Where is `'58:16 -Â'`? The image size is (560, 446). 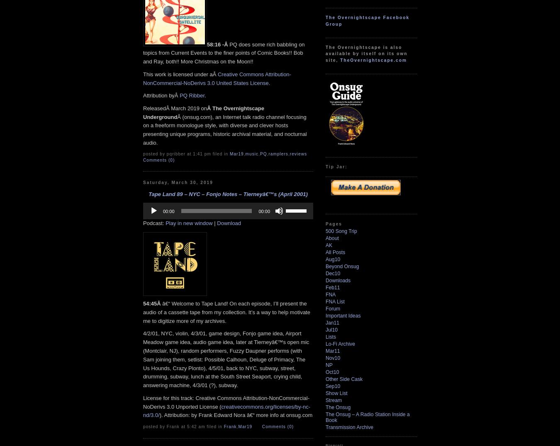
'58:16 -Â' is located at coordinates (217, 44).